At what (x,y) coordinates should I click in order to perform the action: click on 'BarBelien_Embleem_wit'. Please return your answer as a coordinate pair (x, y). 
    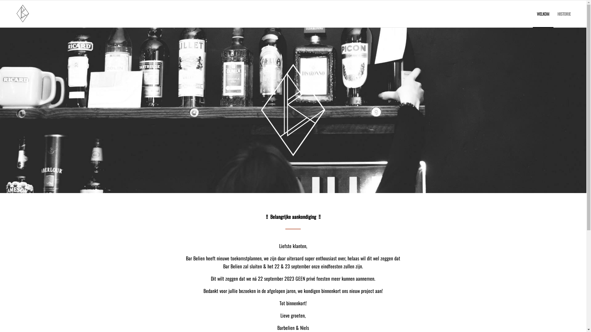
    Looking at the image, I should click on (293, 110).